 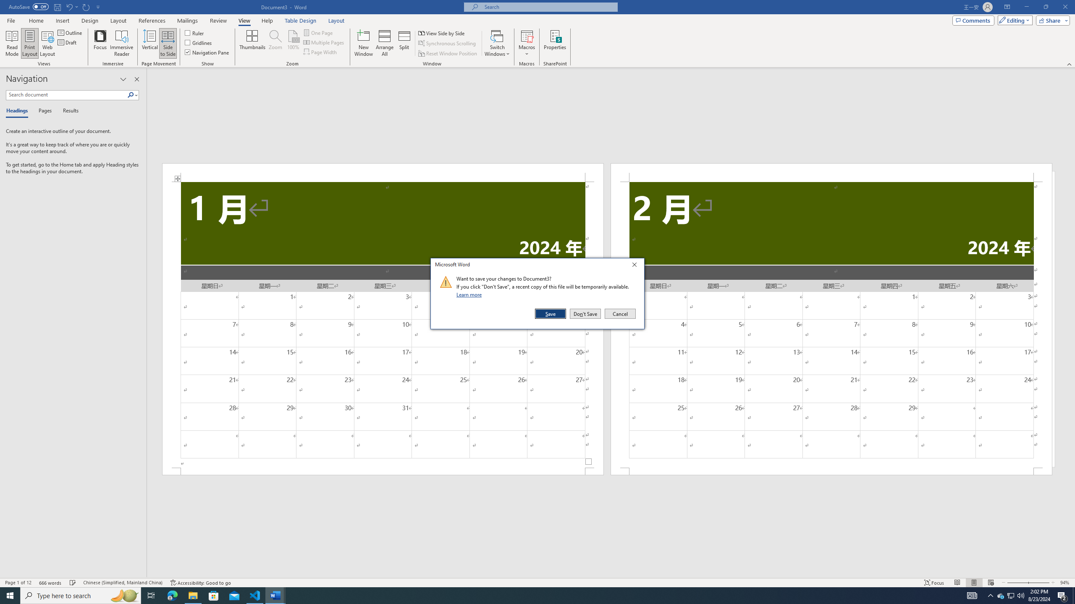 What do you see at coordinates (325, 42) in the screenshot?
I see `'Multiple Pages'` at bounding box center [325, 42].